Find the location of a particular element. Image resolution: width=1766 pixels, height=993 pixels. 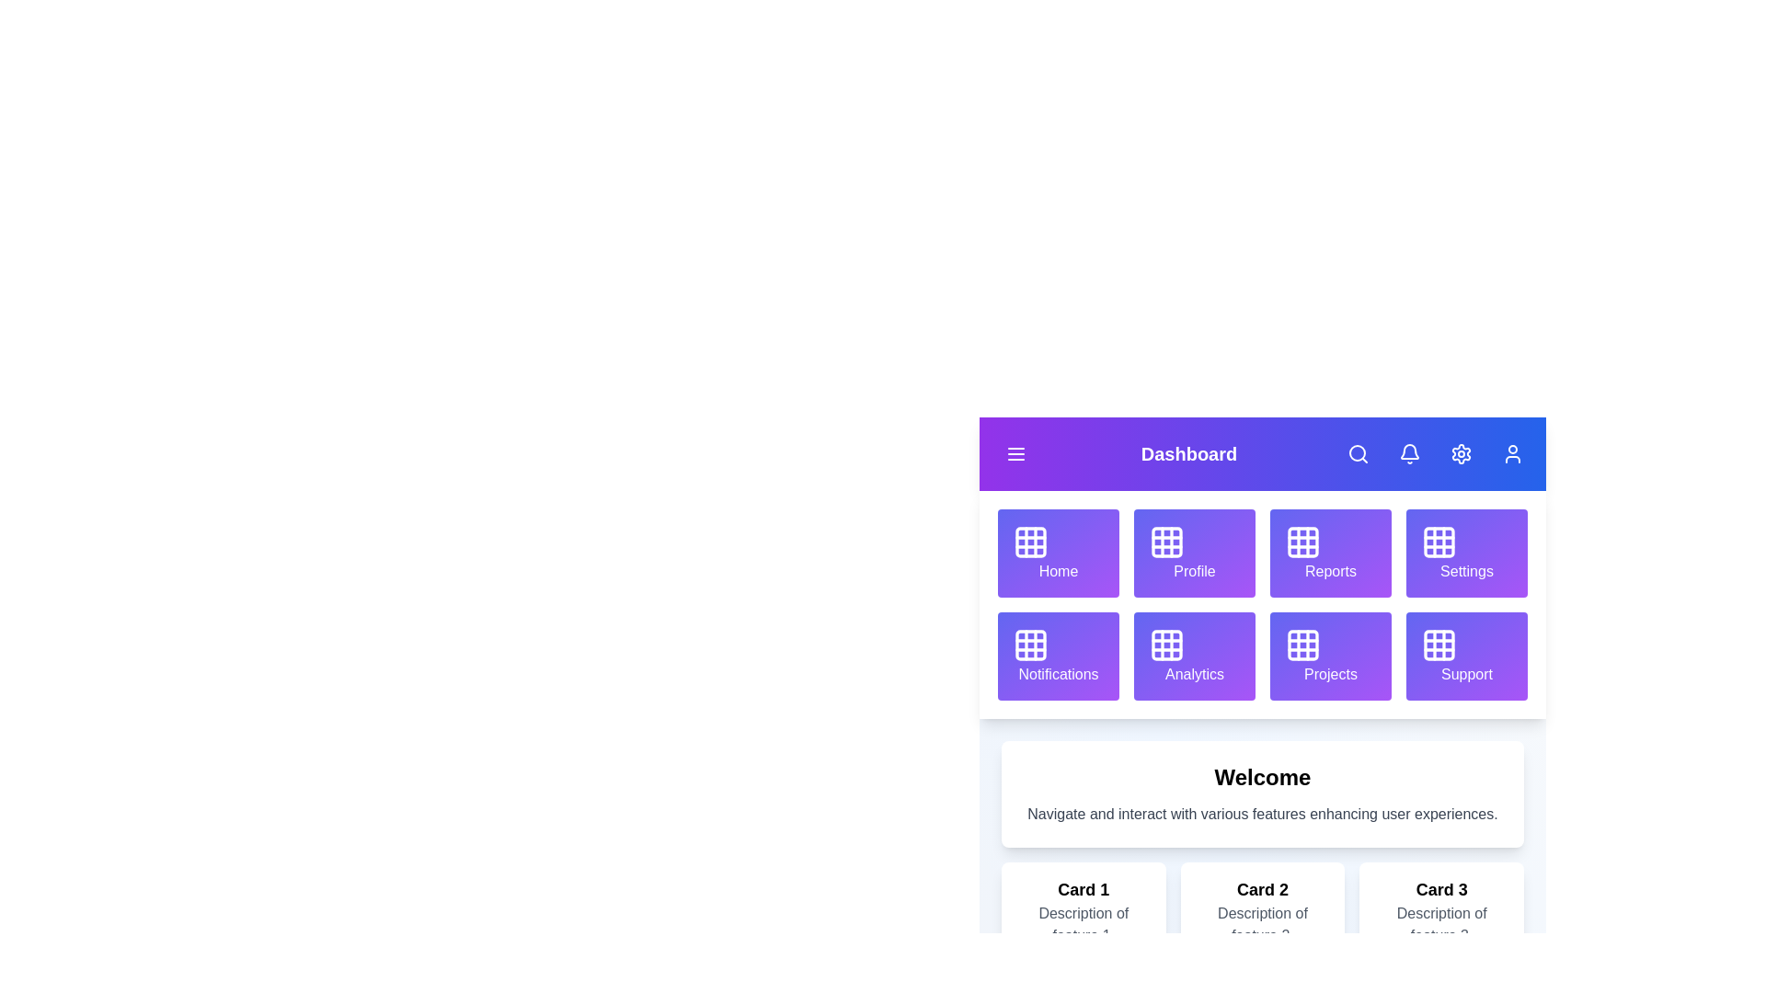

the grid item labeled Home to navigate to its section is located at coordinates (1059, 552).